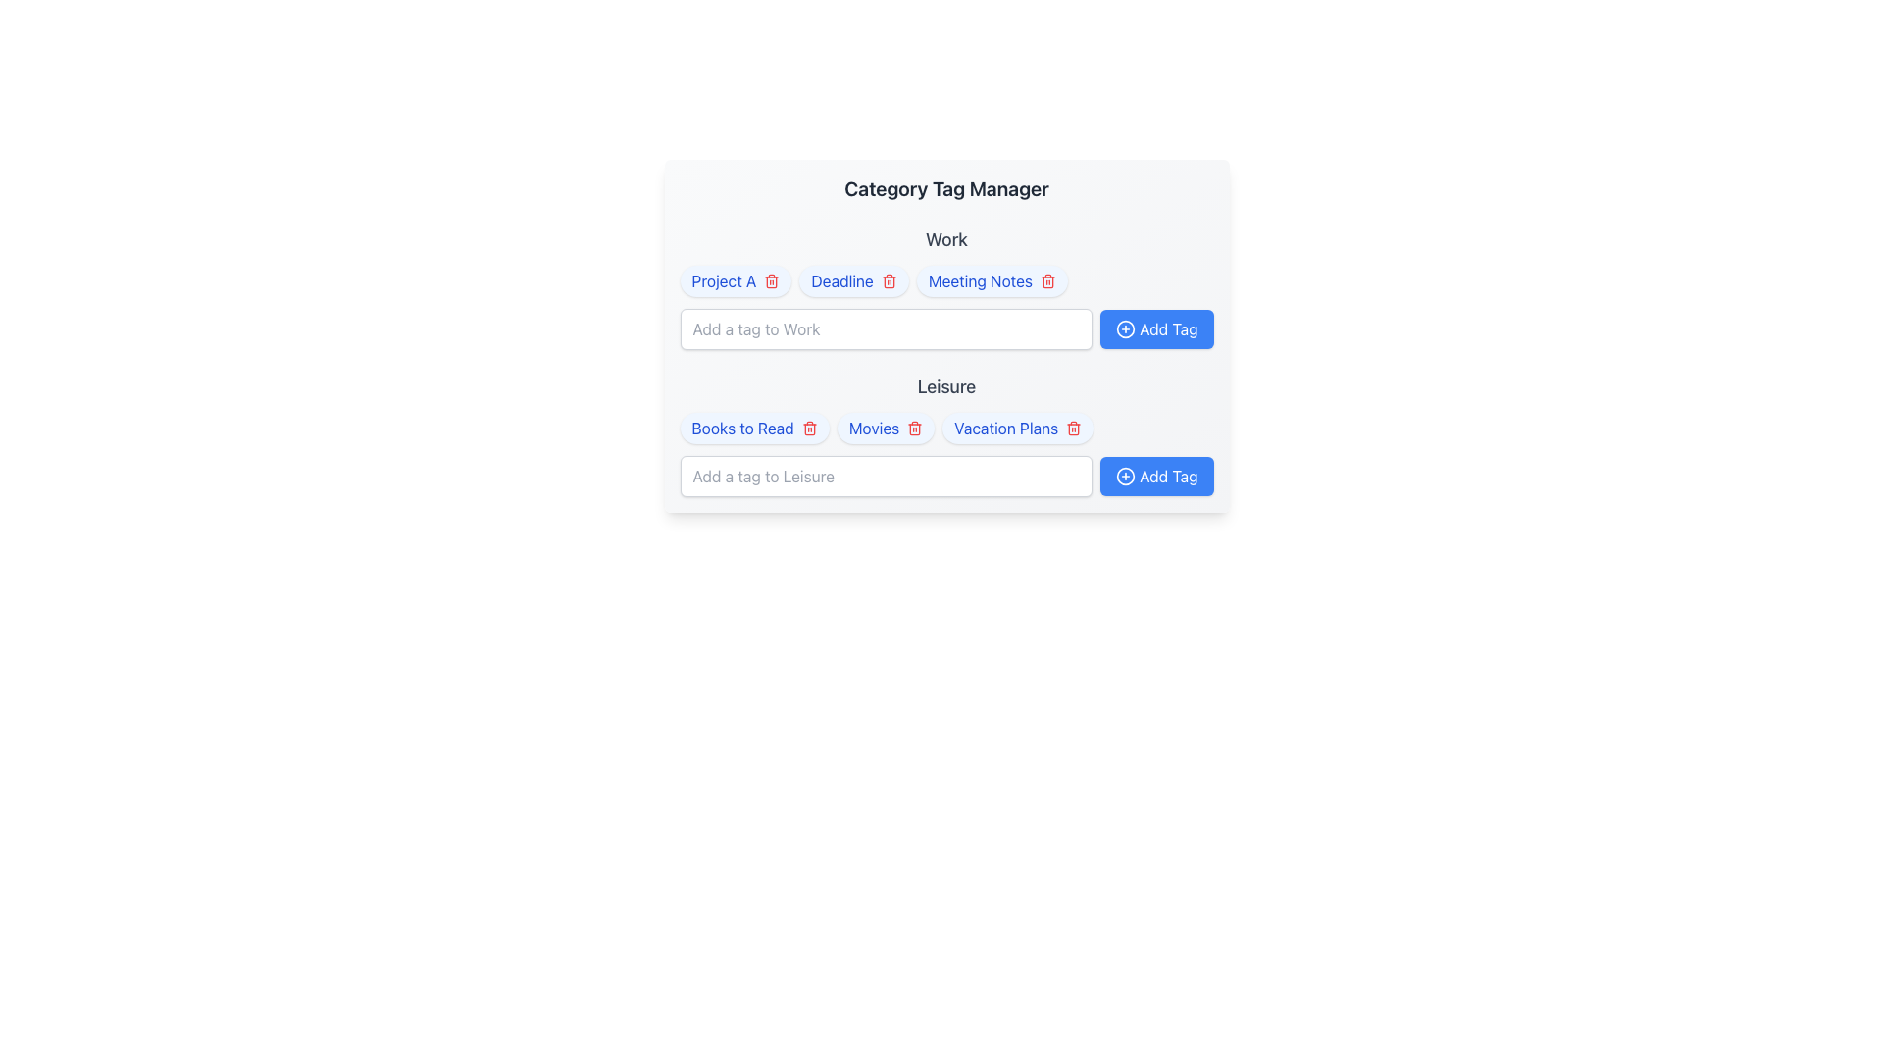 The width and height of the screenshot is (1883, 1059). I want to click on the Icon Button that deletes the 'Meeting Notes' tag, located next to the 'Meeting Notes' text under the 'Work' category, so click(1046, 280).